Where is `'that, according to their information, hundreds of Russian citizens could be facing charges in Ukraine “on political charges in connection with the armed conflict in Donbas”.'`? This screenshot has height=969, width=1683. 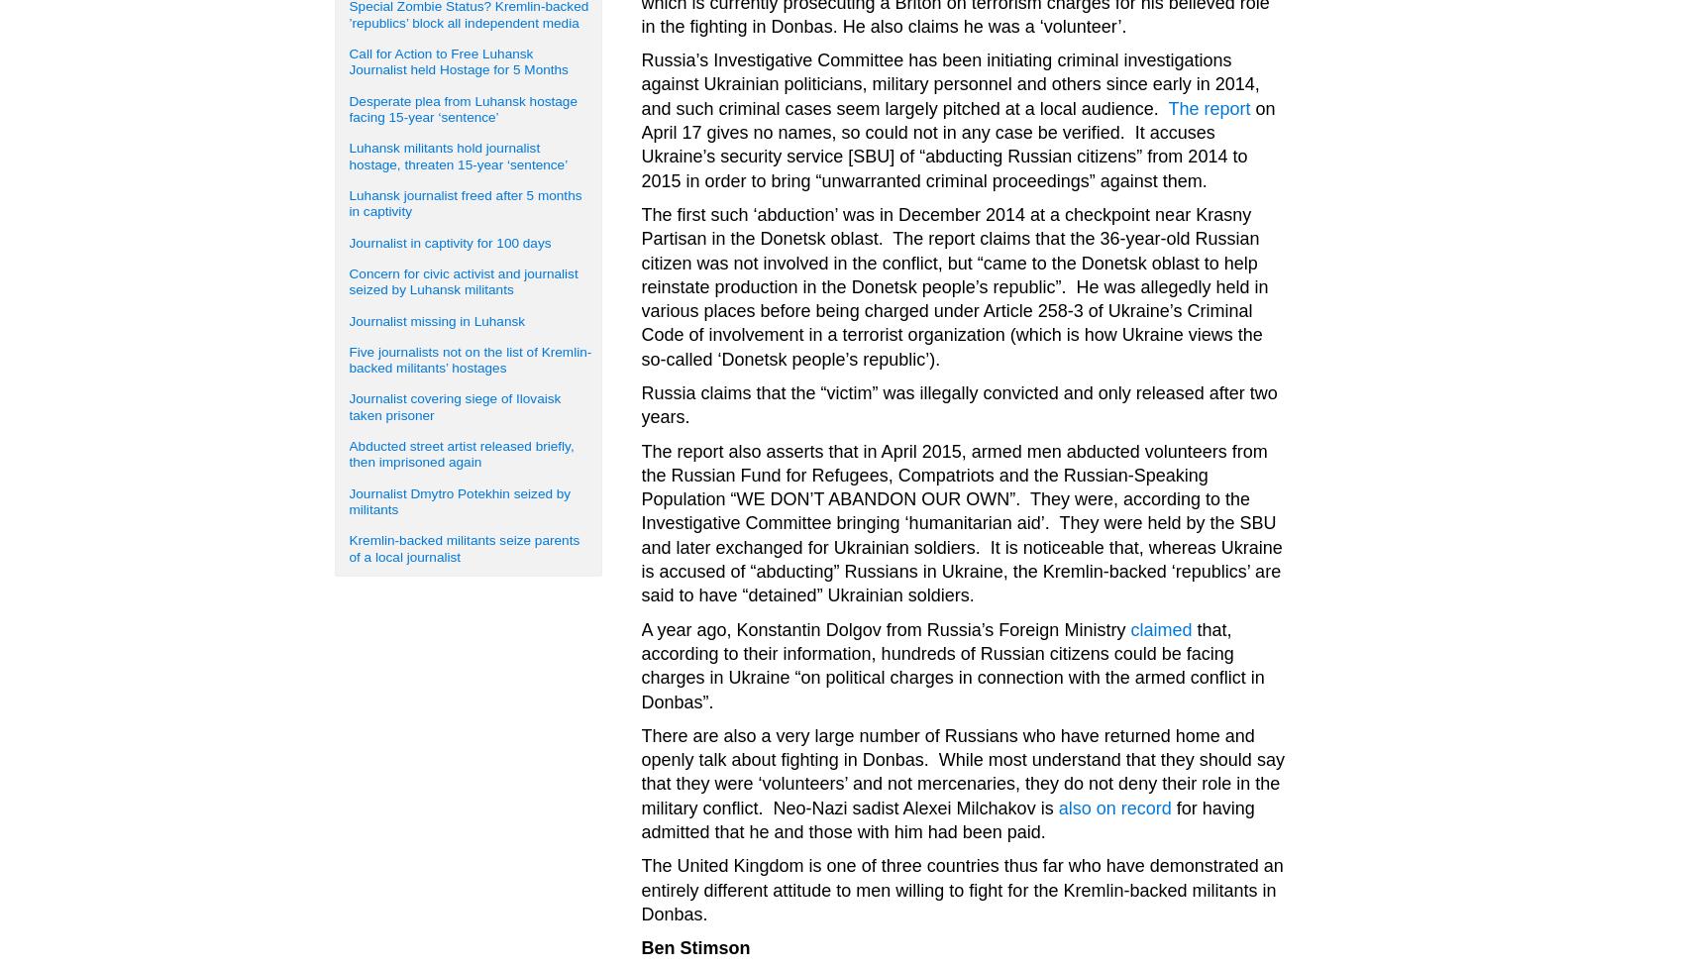 'that, according to their information, hundreds of Russian citizens could be facing charges in Ukraine “on political charges in connection with the armed conflict in Donbas”.' is located at coordinates (640, 665).